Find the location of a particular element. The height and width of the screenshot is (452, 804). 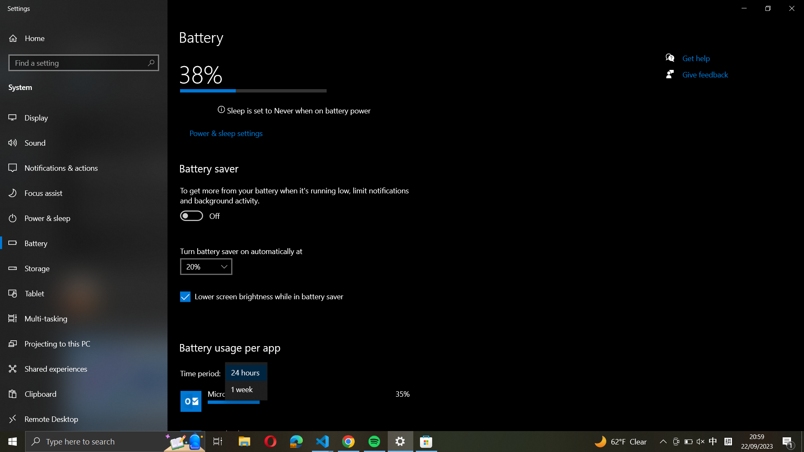

the Sound settings from the left menu is located at coordinates (84, 142).